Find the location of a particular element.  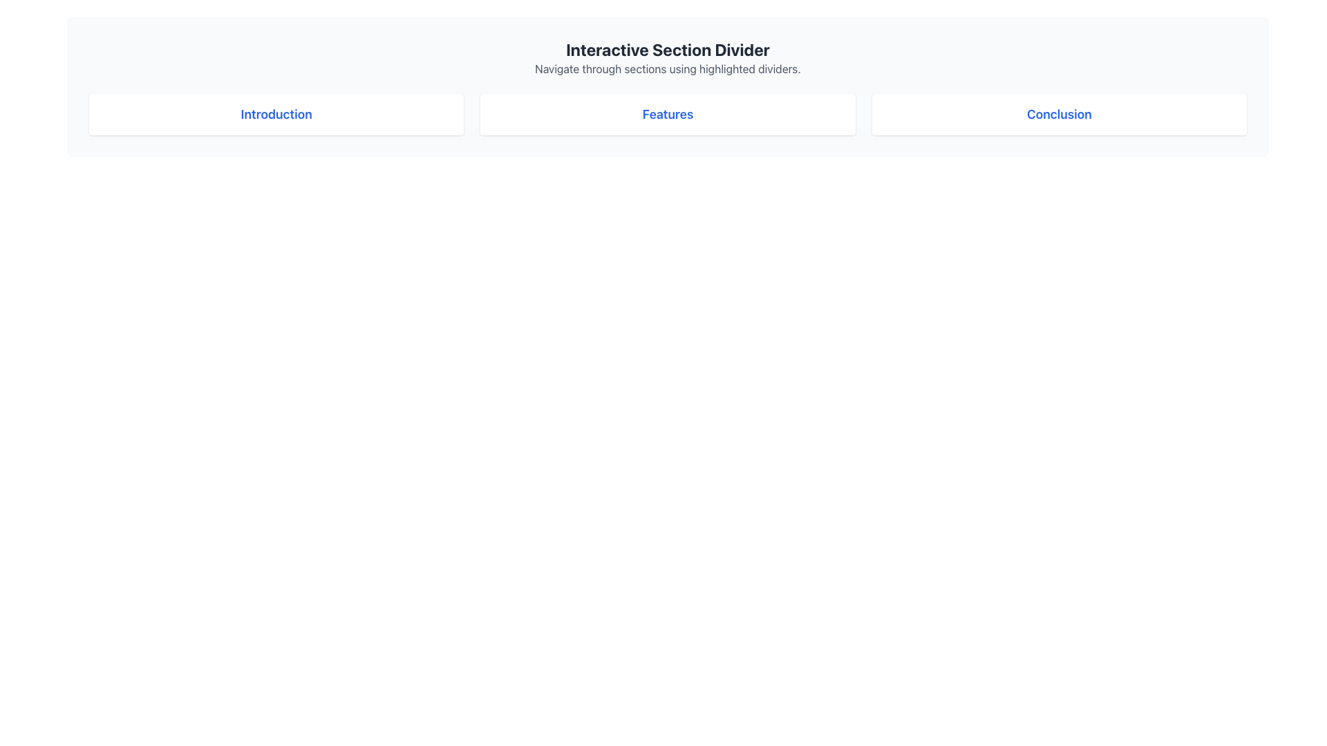

the text label displaying 'Interactive Section Divider', which is a large, bold, dark gray font centered at the top of the interface is located at coordinates (668, 49).